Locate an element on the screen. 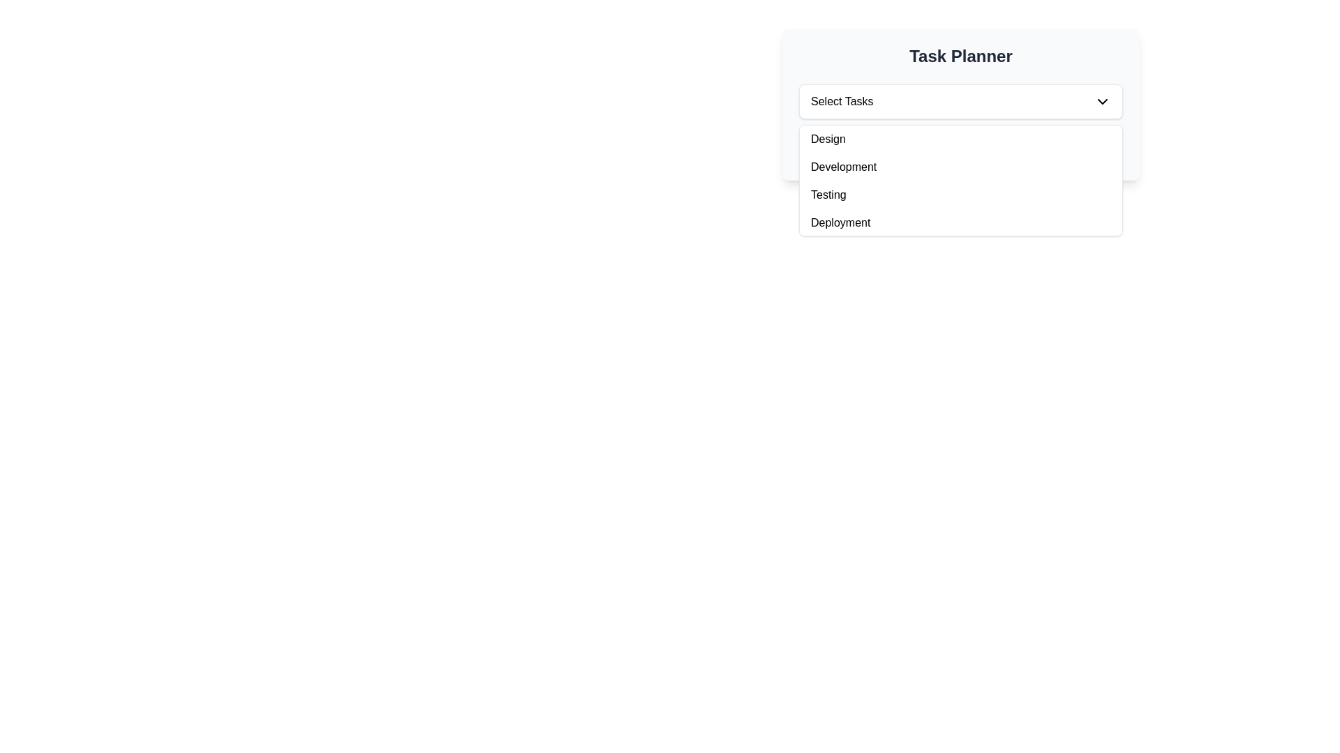 Image resolution: width=1340 pixels, height=753 pixels. the 'Testing' option in the dropdown menu, which is the third item in the list below the 'Select Tasks' button is located at coordinates (960, 195).